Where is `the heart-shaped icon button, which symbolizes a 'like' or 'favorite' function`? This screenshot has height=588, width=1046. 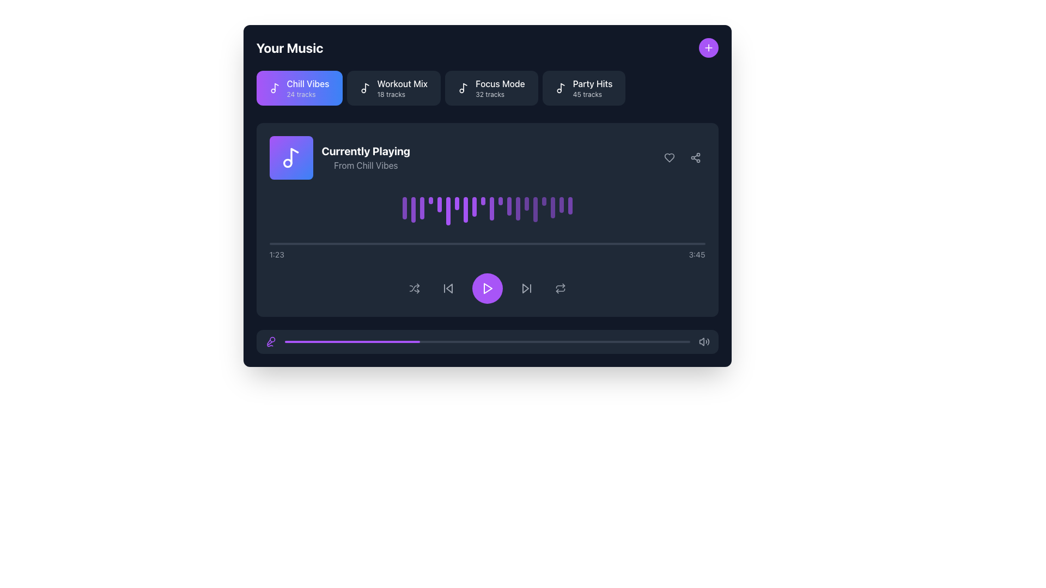
the heart-shaped icon button, which symbolizes a 'like' or 'favorite' function is located at coordinates (668, 157).